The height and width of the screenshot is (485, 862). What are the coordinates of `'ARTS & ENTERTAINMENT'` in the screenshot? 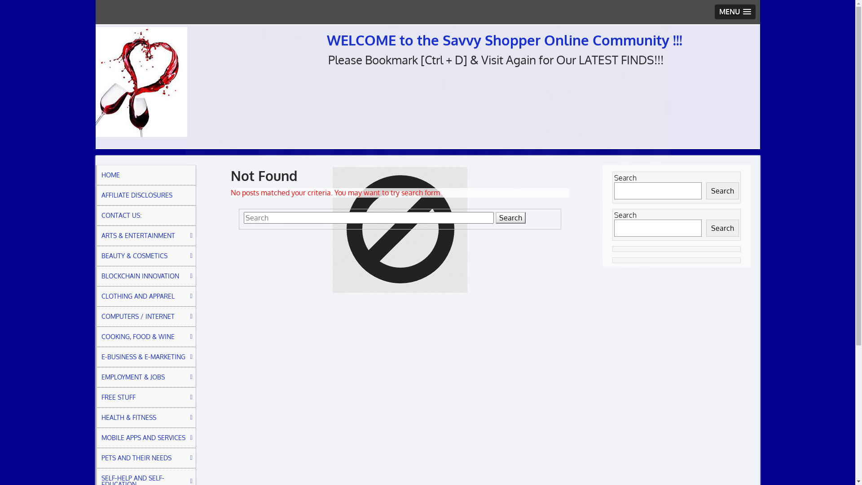 It's located at (145, 235).